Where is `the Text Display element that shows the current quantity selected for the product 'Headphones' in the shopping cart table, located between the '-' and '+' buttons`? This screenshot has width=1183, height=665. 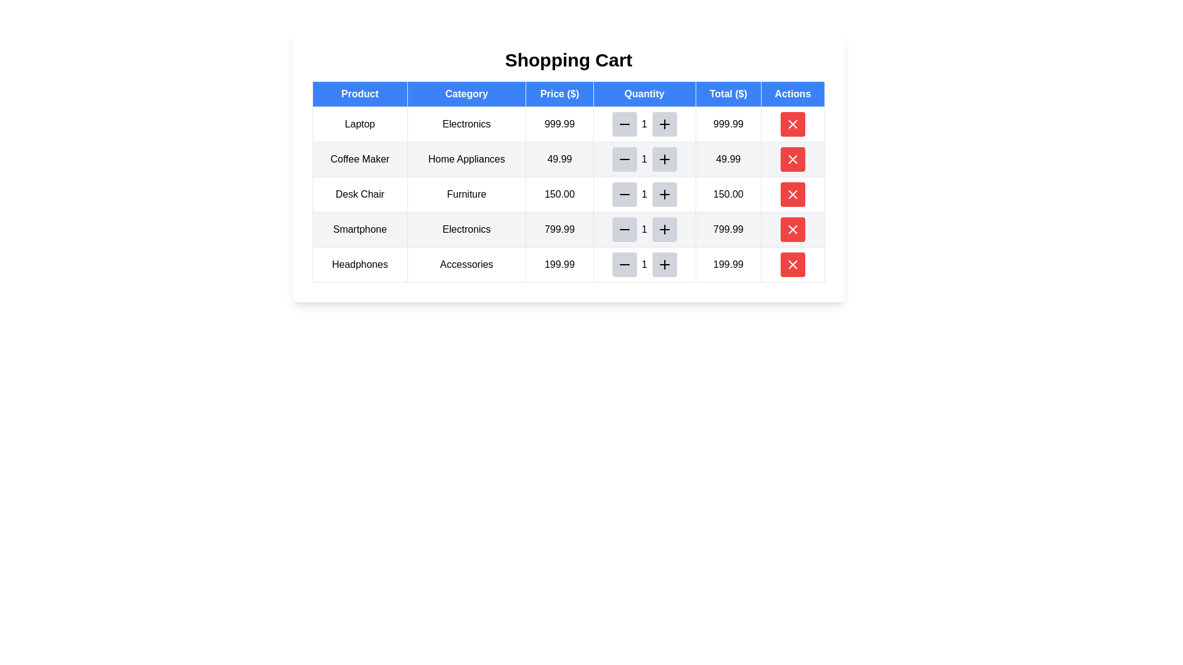 the Text Display element that shows the current quantity selected for the product 'Headphones' in the shopping cart table, located between the '-' and '+' buttons is located at coordinates (644, 264).